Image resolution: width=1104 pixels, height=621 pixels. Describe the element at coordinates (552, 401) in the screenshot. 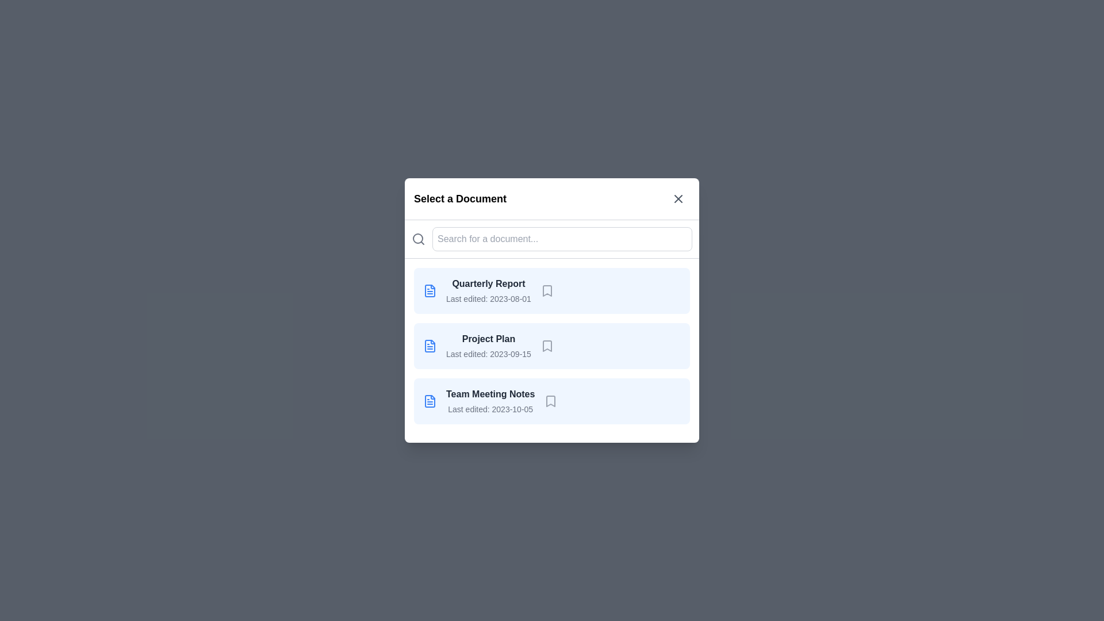

I see `the document titled Team Meeting Notes from the list` at that location.